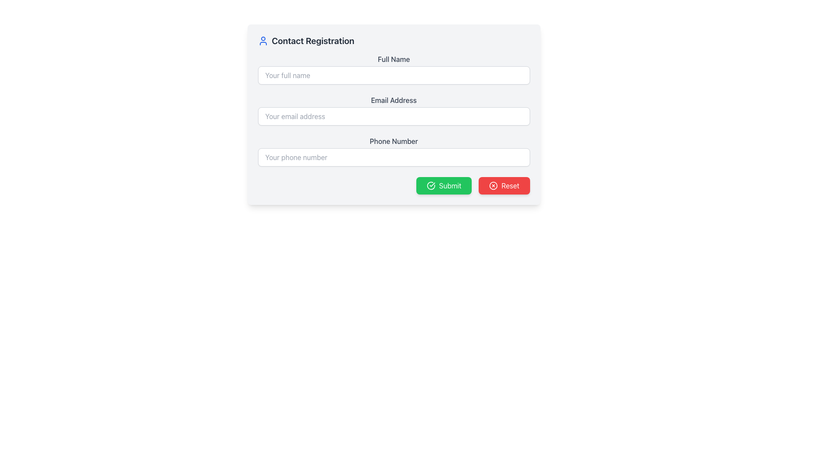 The width and height of the screenshot is (837, 471). Describe the element at coordinates (510, 185) in the screenshot. I see `the reset button located at the bottom-right corner of the form, which is the second button in a horizontal row following the green 'Submit' button` at that location.